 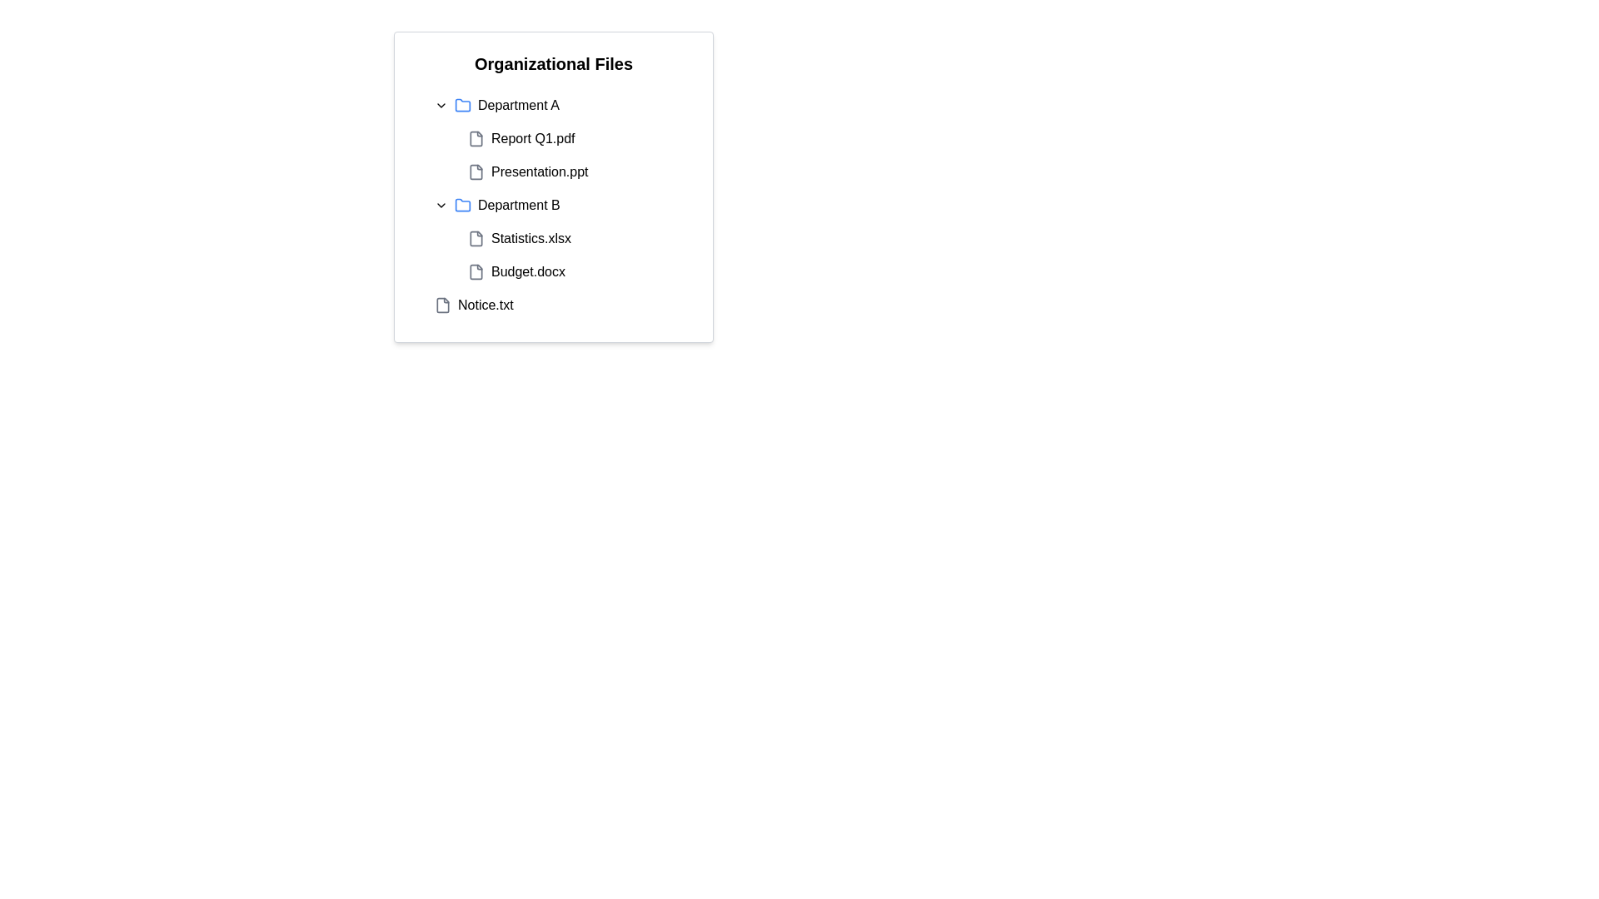 What do you see at coordinates (516, 271) in the screenshot?
I see `the 'Budget.docx' file item from the 'Department B' folder in the file tree structure` at bounding box center [516, 271].